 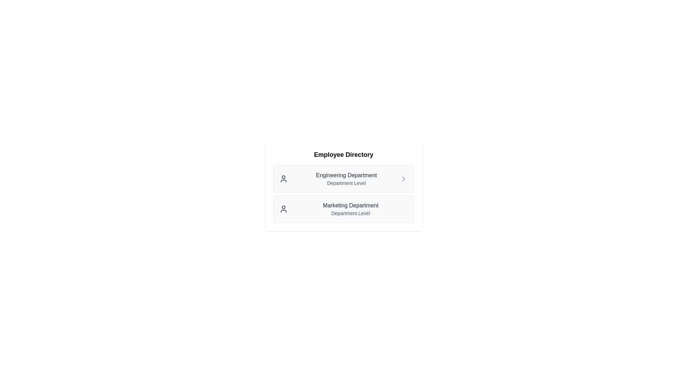 I want to click on the static text display that identifies the Marketing Department and indicates its associated level, located below the Engineering Department card in the list-style layout, so click(x=350, y=209).